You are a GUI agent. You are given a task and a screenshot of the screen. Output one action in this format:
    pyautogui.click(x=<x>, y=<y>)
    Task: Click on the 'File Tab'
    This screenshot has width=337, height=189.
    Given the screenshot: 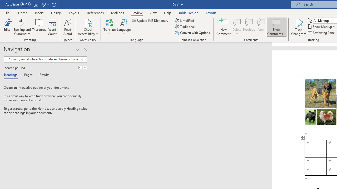 What is the action you would take?
    pyautogui.click(x=7, y=12)
    